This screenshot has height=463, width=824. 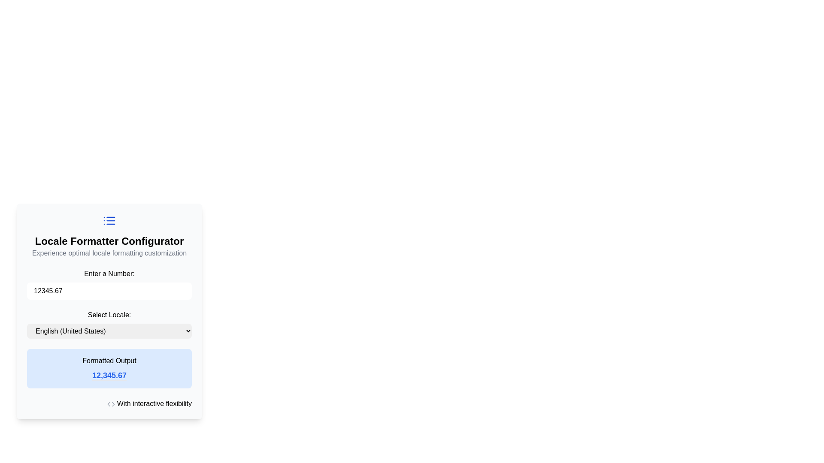 What do you see at coordinates (109, 403) in the screenshot?
I see `the text that reads 'With interactive flexibility', which is right-aligned and located at the bottom of the panel, just below the 'Formatted Output' section` at bounding box center [109, 403].